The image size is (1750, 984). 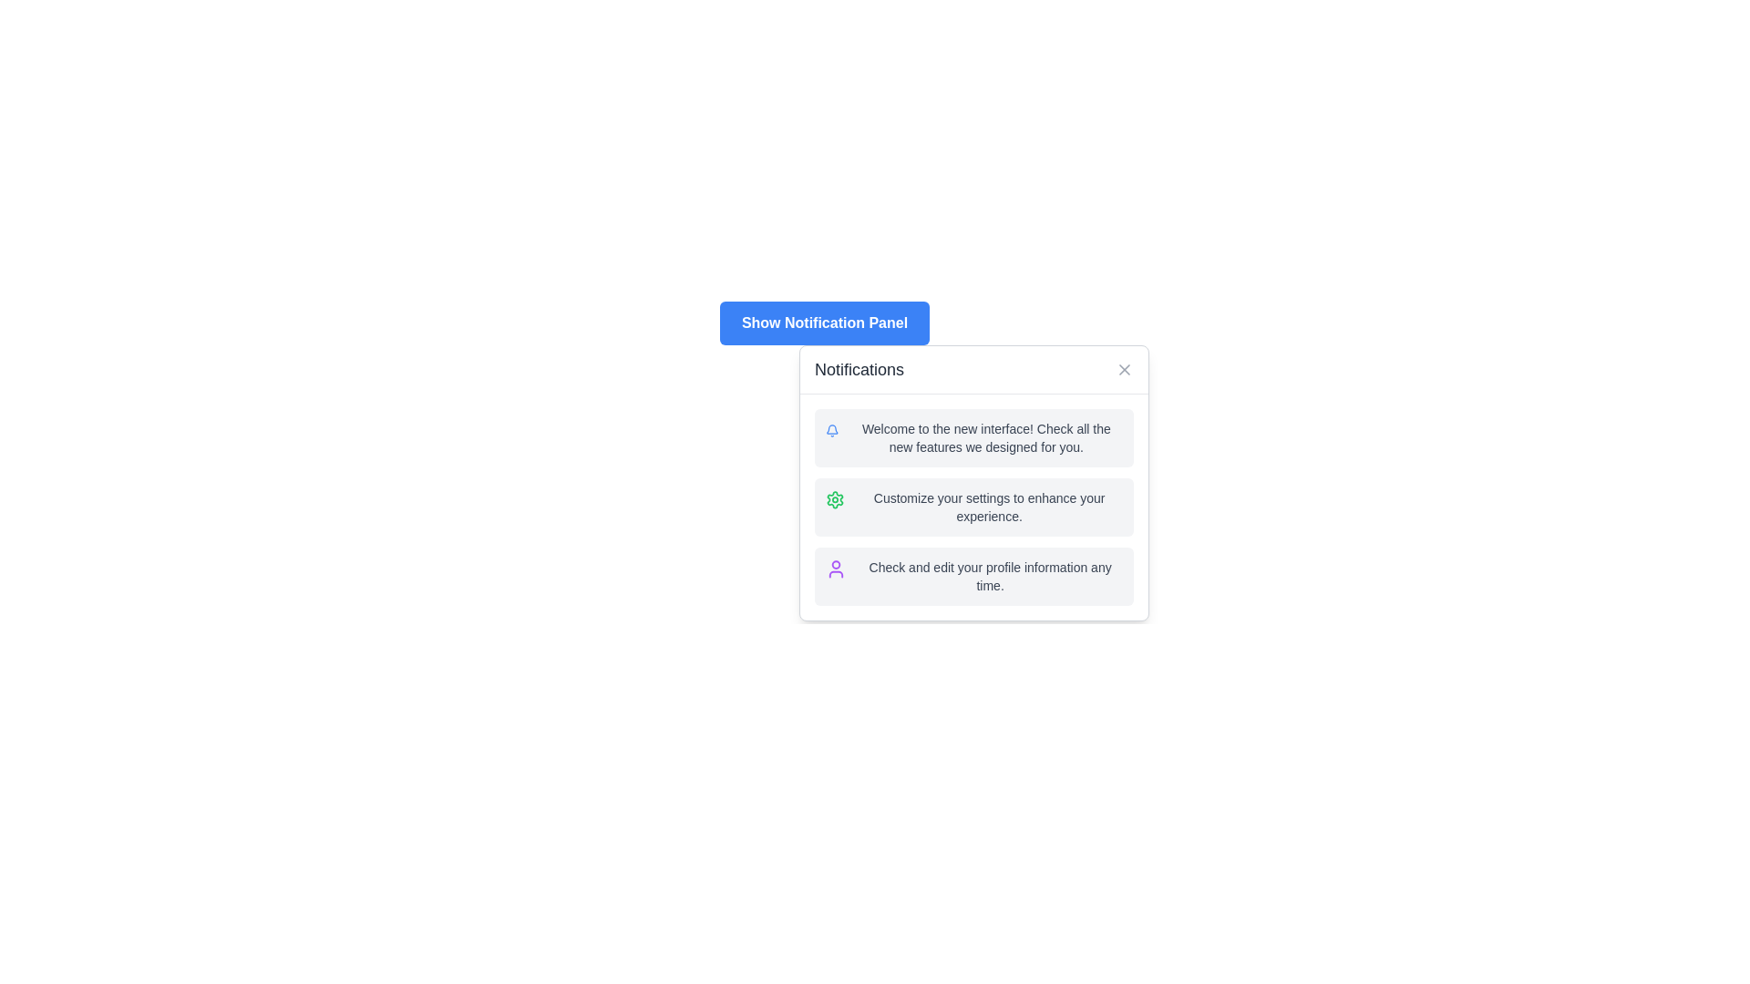 What do you see at coordinates (824, 440) in the screenshot?
I see `the Popup Notification Panel, which is a fixed rectangular panel with a white background and rounded corners, containing a title and a list of notifications` at bounding box center [824, 440].